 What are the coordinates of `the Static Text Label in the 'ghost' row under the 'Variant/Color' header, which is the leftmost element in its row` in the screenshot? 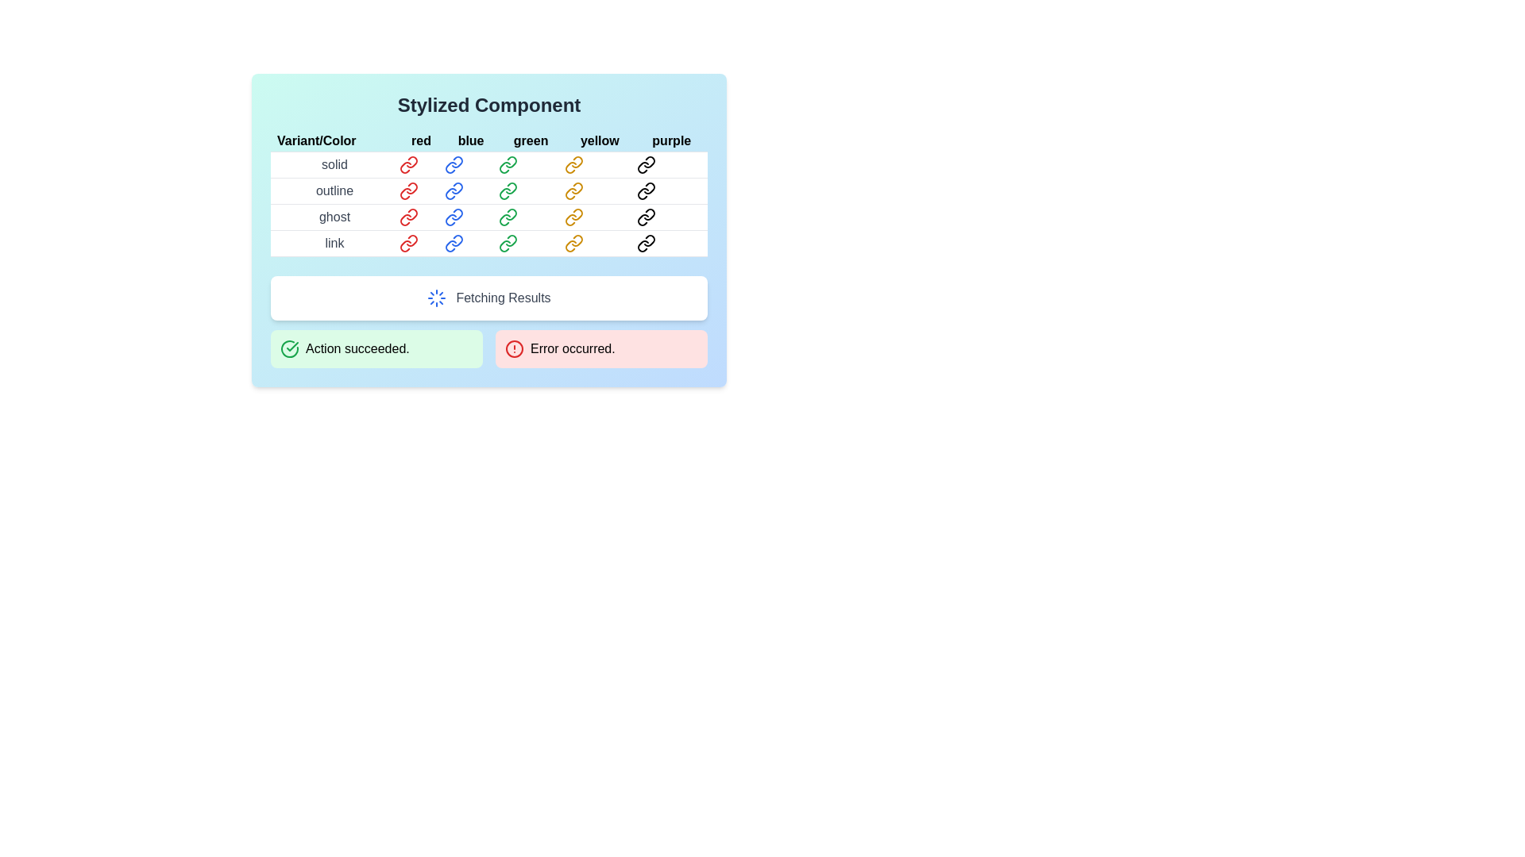 It's located at (334, 244).